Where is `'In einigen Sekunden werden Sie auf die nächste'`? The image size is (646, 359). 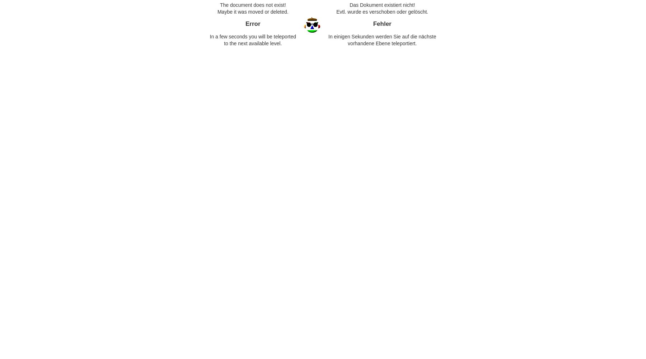 'In einigen Sekunden werden Sie auf die nächste' is located at coordinates (382, 36).